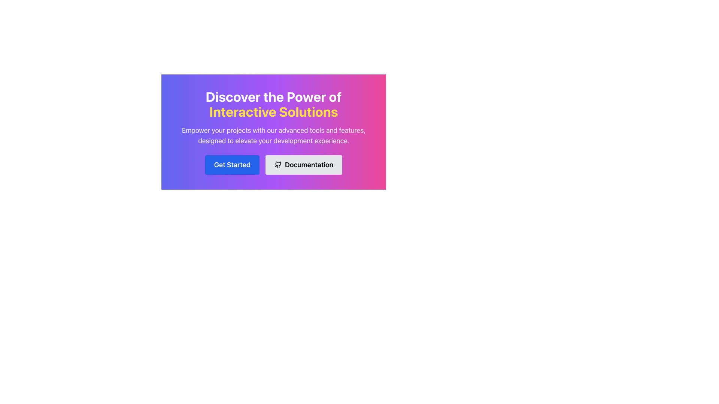  What do you see at coordinates (304, 164) in the screenshot?
I see `the documentation button located to the right of the 'Get Started' button` at bounding box center [304, 164].